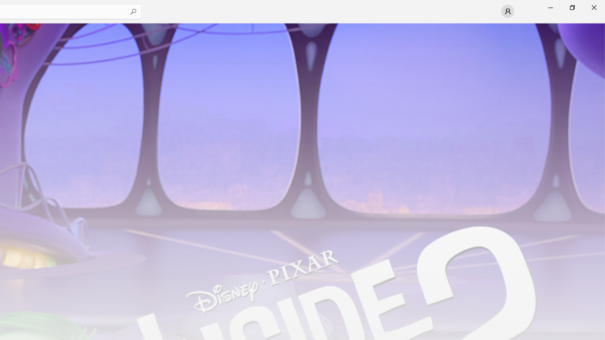 This screenshot has width=605, height=340. I want to click on 'User profile', so click(507, 11).